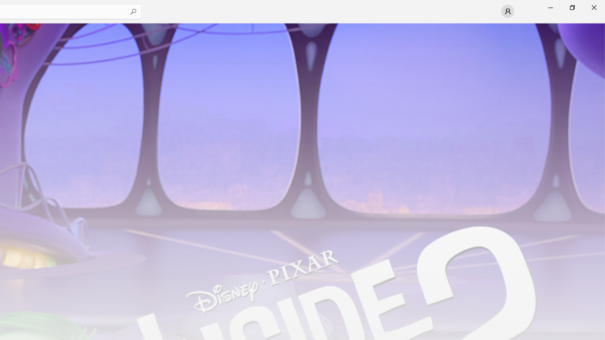 This screenshot has width=605, height=340. I want to click on 'User profile', so click(507, 11).